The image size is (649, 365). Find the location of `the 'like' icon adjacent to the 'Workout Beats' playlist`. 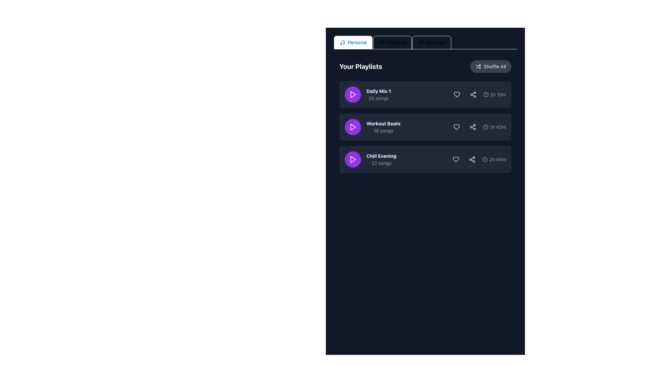

the 'like' icon adjacent to the 'Workout Beats' playlist is located at coordinates (457, 127).